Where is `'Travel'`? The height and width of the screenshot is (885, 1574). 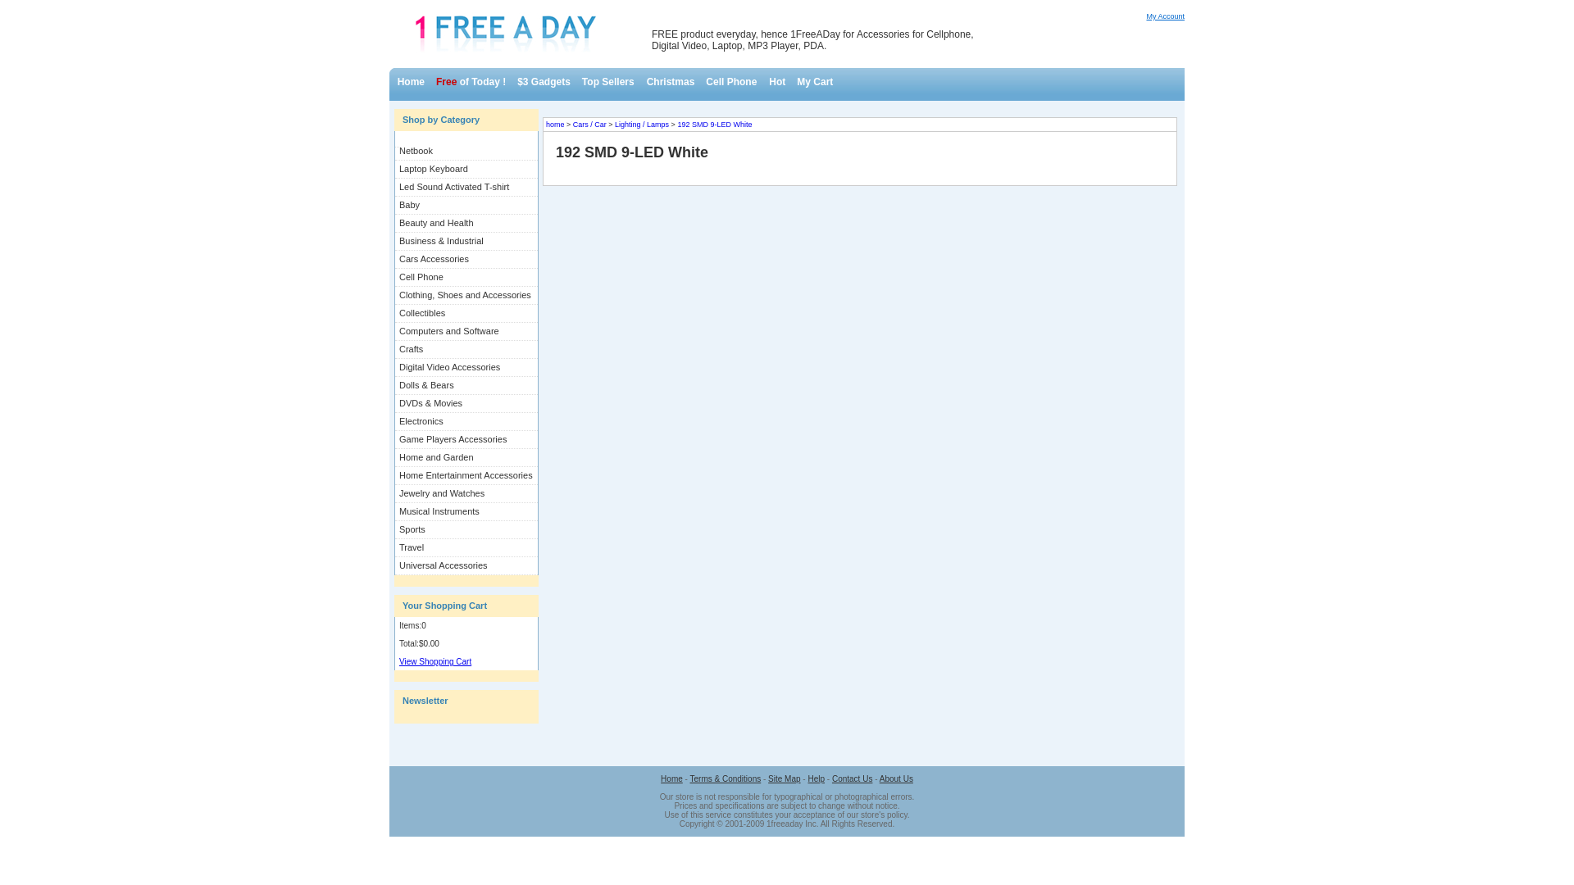 'Travel' is located at coordinates (467, 547).